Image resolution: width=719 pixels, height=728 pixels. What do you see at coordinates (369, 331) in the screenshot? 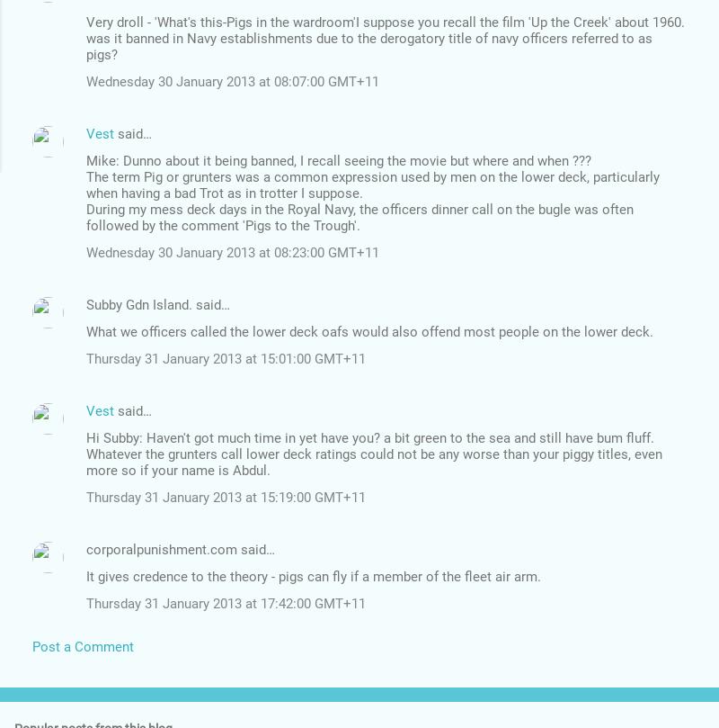
I see `'What we officers called the lower deck oafs would also offend most people on the lower deck.'` at bounding box center [369, 331].